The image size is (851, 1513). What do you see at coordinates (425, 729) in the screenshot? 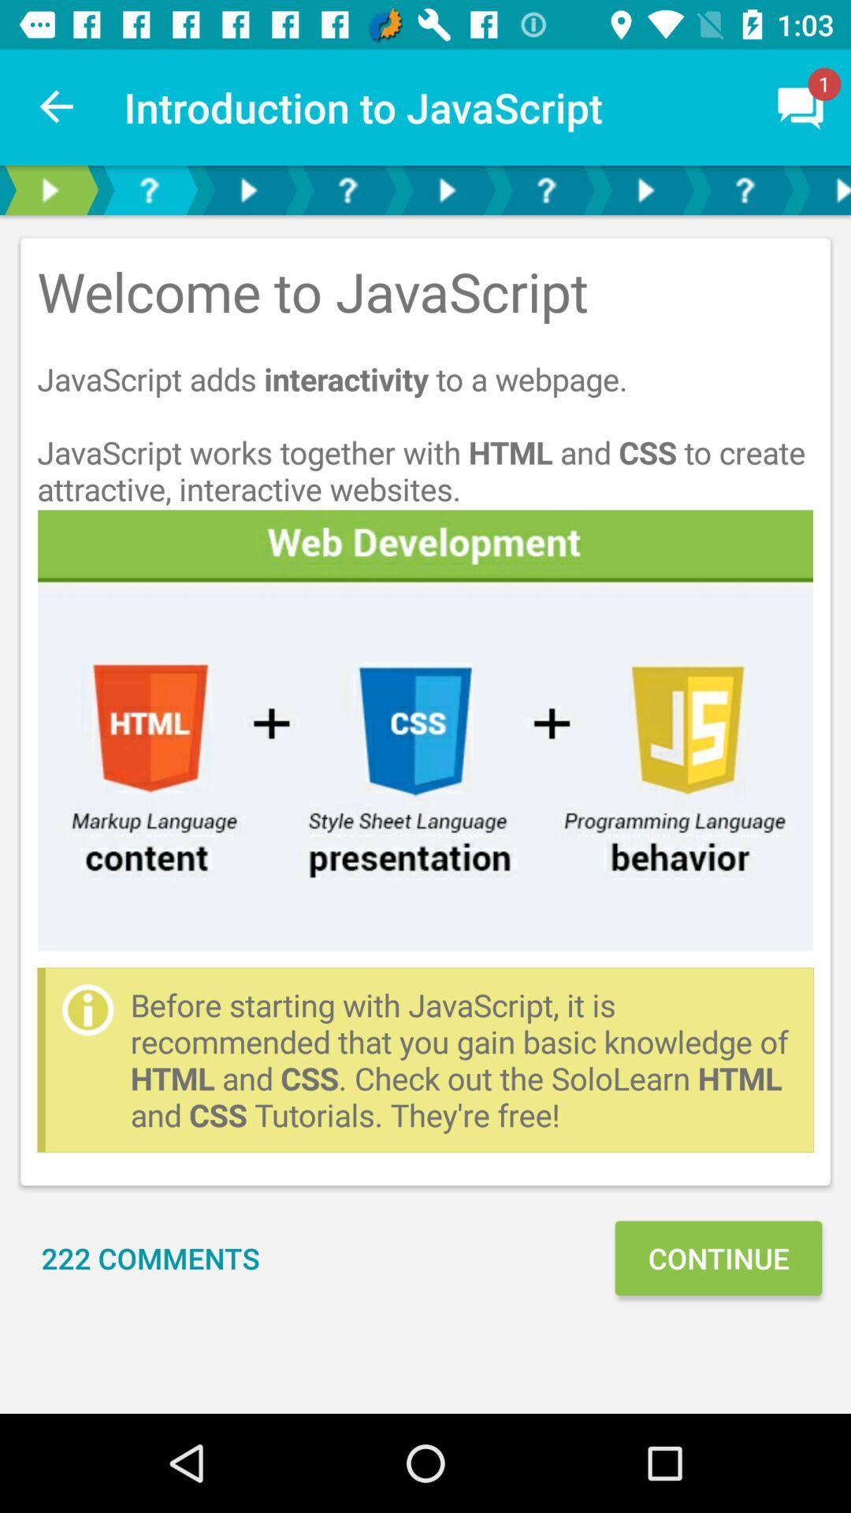
I see `the icon at the center` at bounding box center [425, 729].